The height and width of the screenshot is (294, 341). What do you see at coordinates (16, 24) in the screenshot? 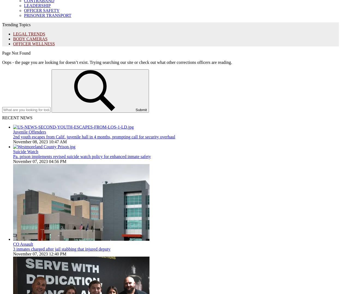
I see `'Trending Topics'` at bounding box center [16, 24].